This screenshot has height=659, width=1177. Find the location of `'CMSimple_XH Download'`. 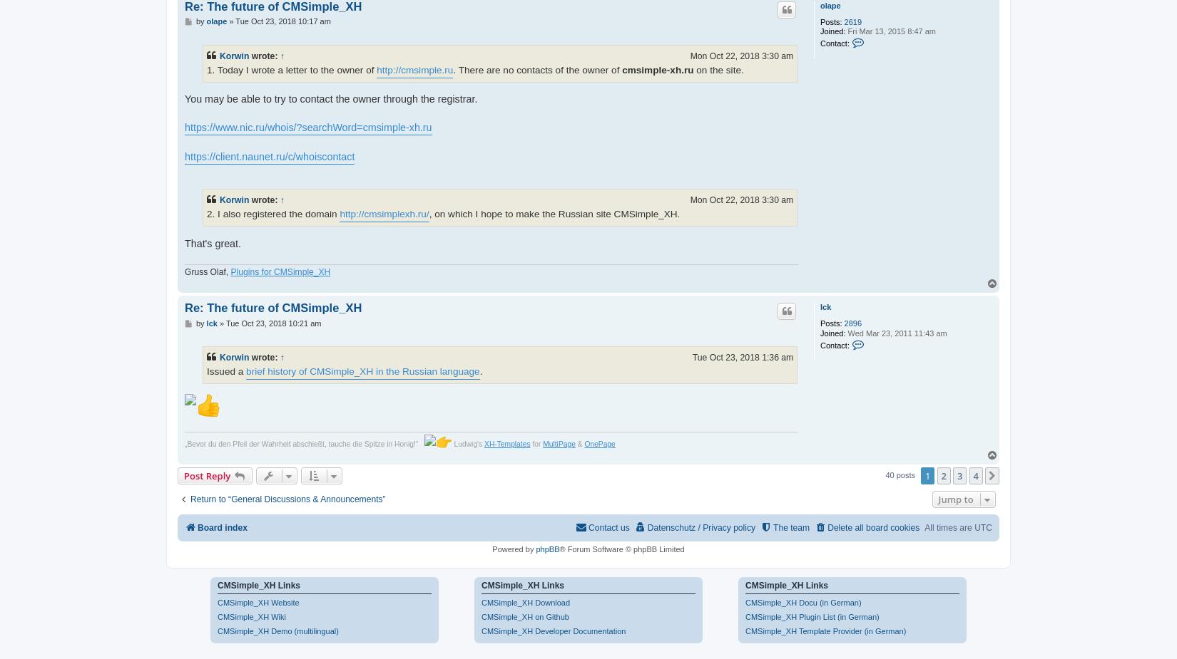

'CMSimple_XH Download' is located at coordinates (525, 601).